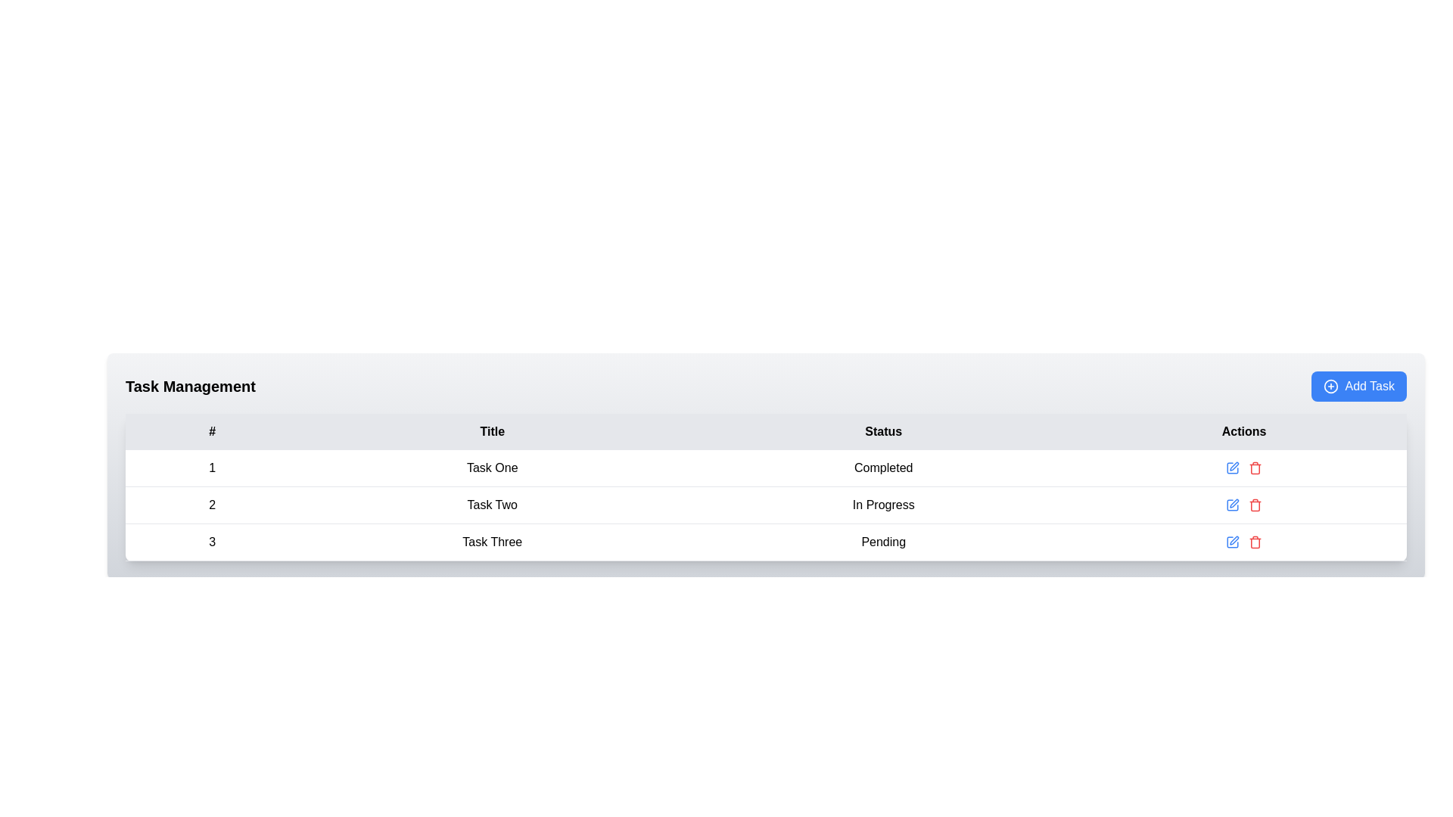  I want to click on the Table cell displaying the status of a task in the 'Status' column of the 'Task Management' table, which indicates that the task has been completed, so click(883, 468).